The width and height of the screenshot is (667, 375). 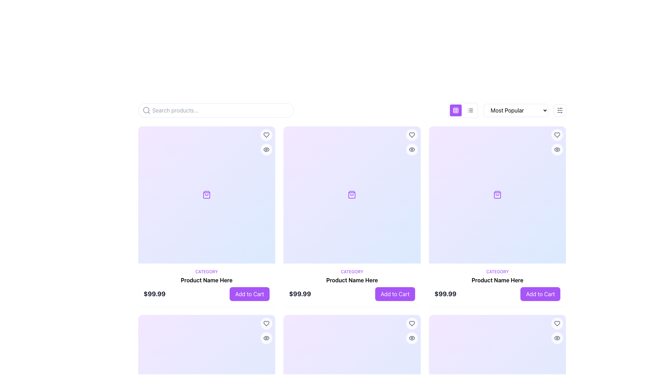 I want to click on the adjustment or settings icon located in the top-right grouping of the UI, specifically in the third box of the horizontal control options, so click(x=560, y=110).